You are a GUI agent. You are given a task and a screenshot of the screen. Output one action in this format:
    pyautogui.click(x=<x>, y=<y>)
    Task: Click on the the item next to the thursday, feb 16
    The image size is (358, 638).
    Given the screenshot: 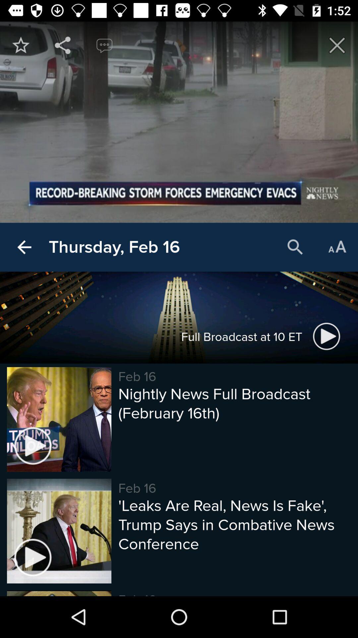 What is the action you would take?
    pyautogui.click(x=24, y=247)
    